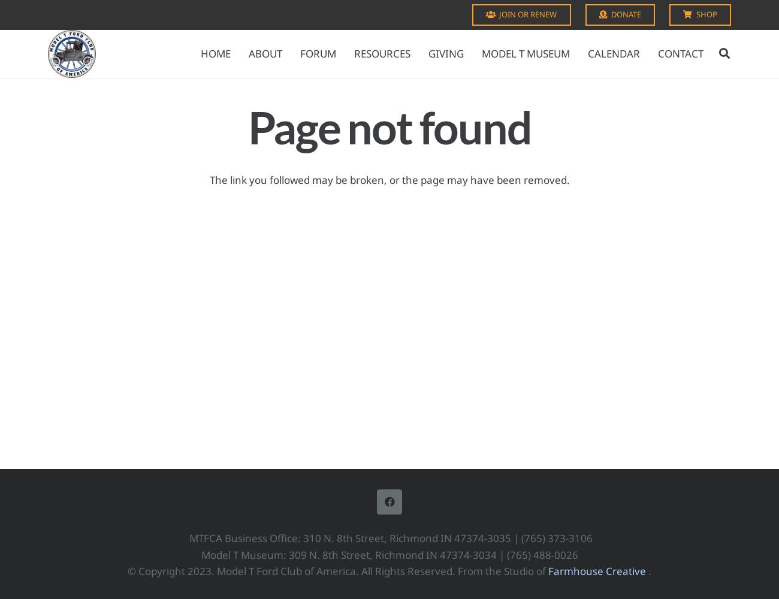 The image size is (779, 599). What do you see at coordinates (389, 463) in the screenshot?
I see `'Facebook'` at bounding box center [389, 463].